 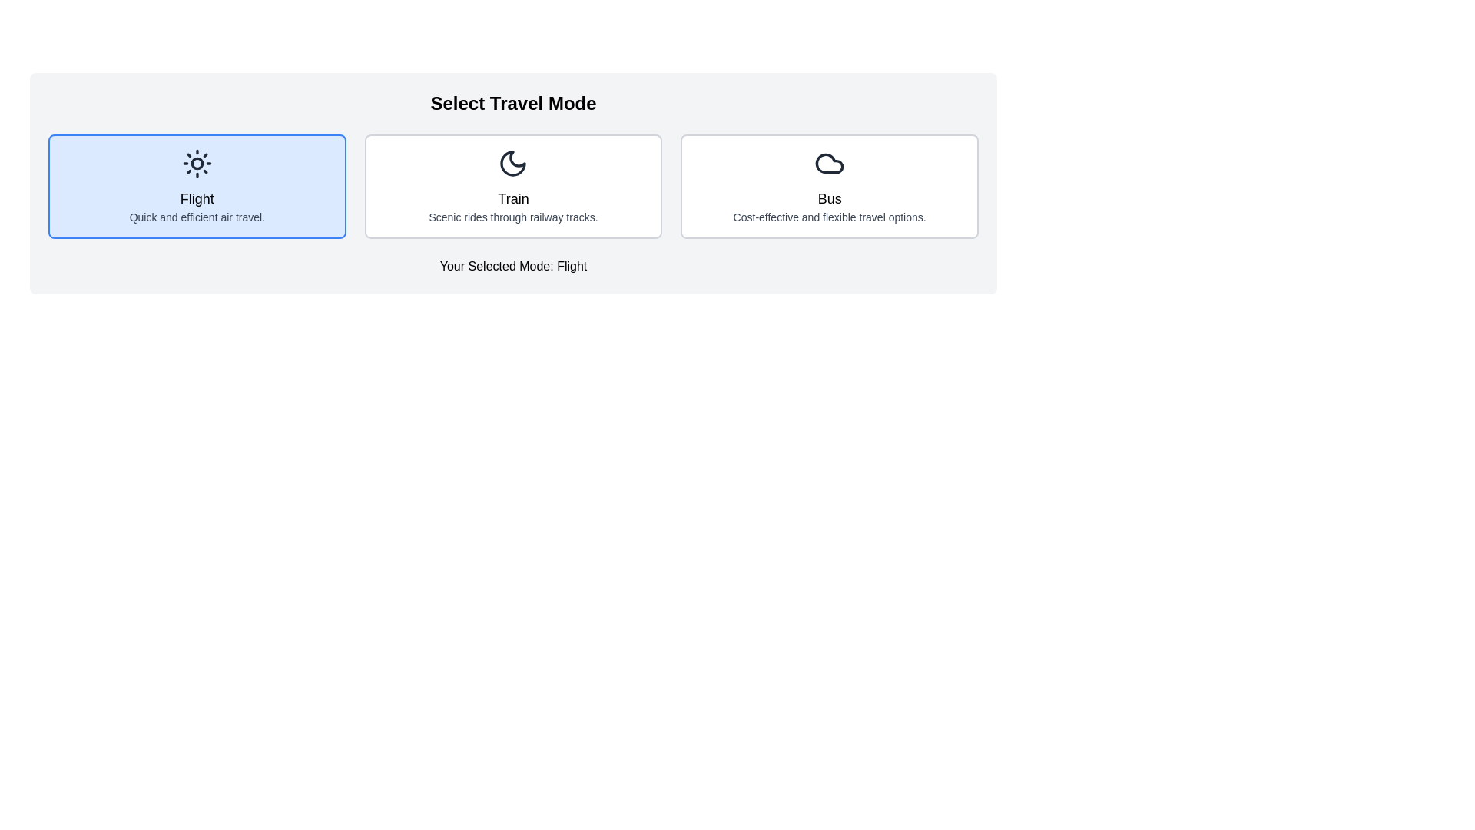 What do you see at coordinates (829, 163) in the screenshot?
I see `the 'Bus' mode icon within the travel mode selection interface as a visual cue` at bounding box center [829, 163].